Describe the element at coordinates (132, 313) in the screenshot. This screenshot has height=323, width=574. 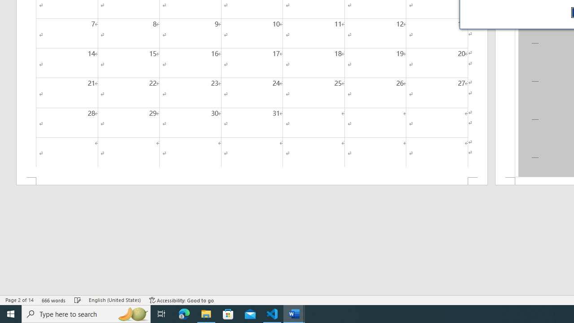
I see `'Search highlights icon opens search home window'` at that location.